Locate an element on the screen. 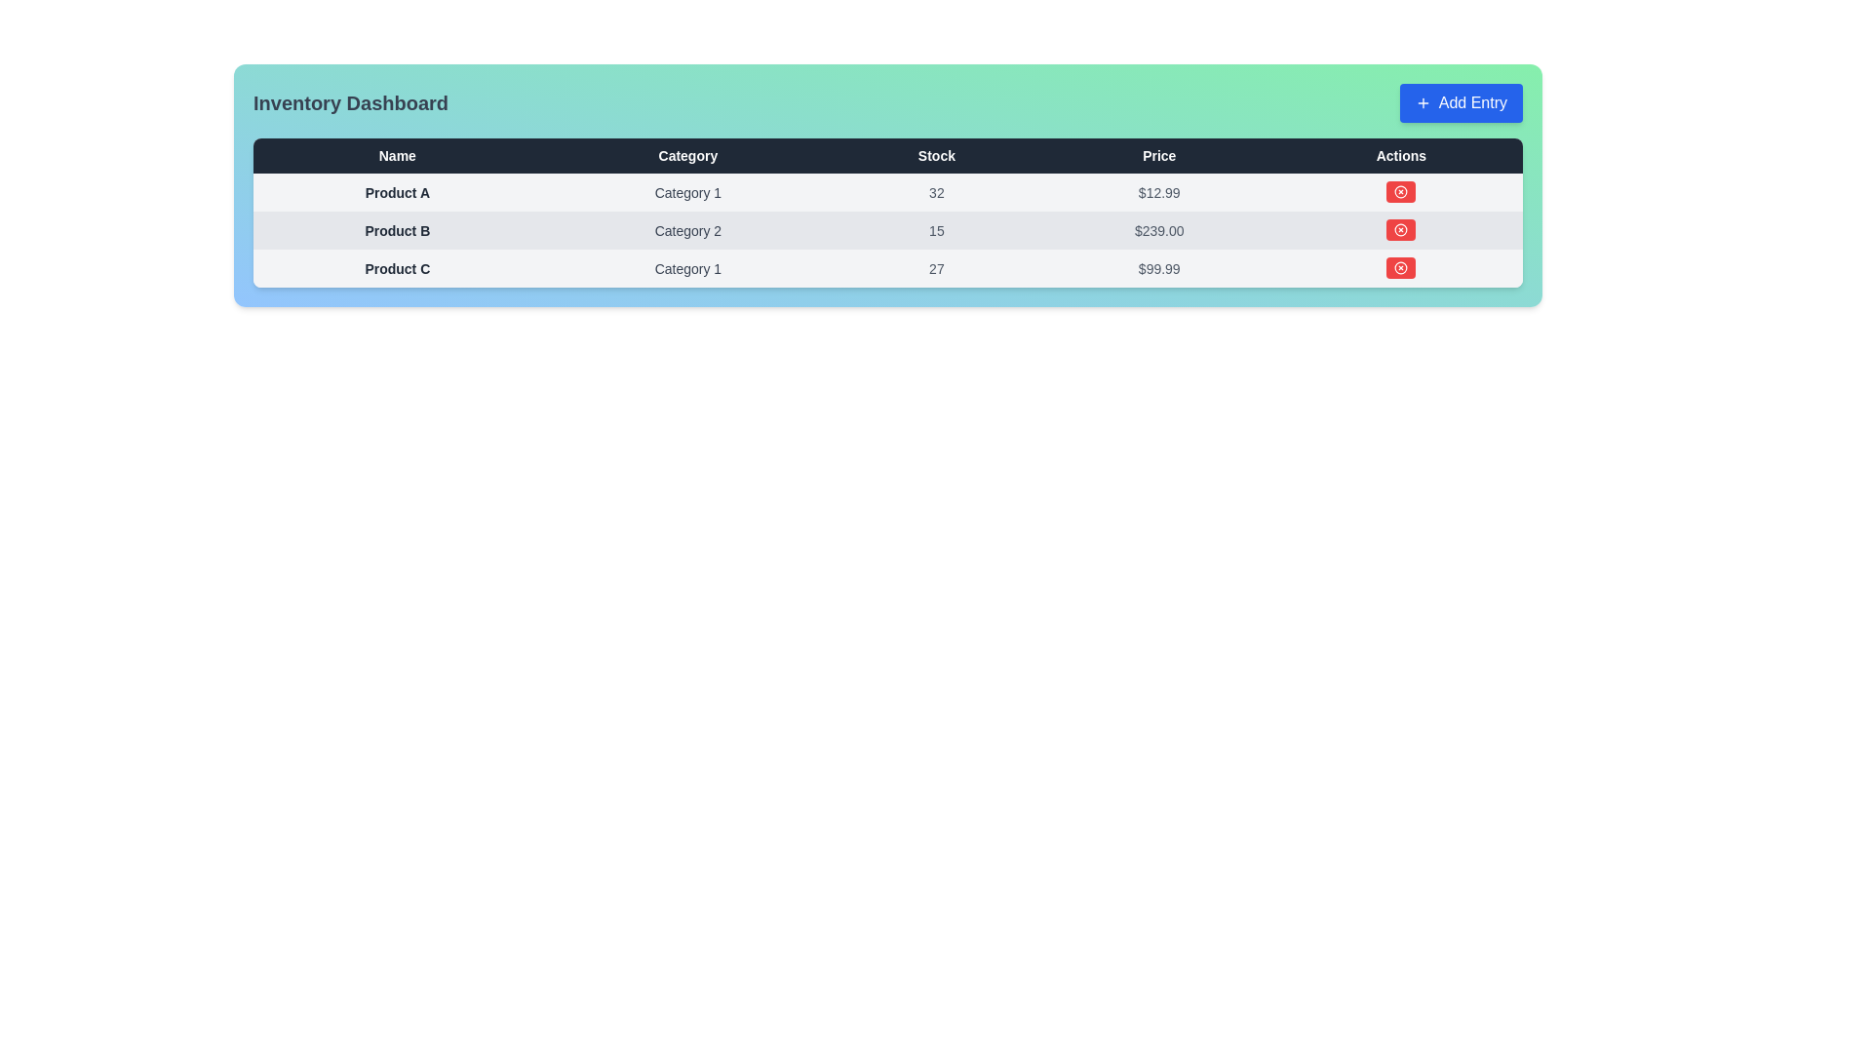  the 'Add Entry' button, which has a blue background and white text, located in the upper right corner of the Inventory Dashboard section is located at coordinates (1461, 102).